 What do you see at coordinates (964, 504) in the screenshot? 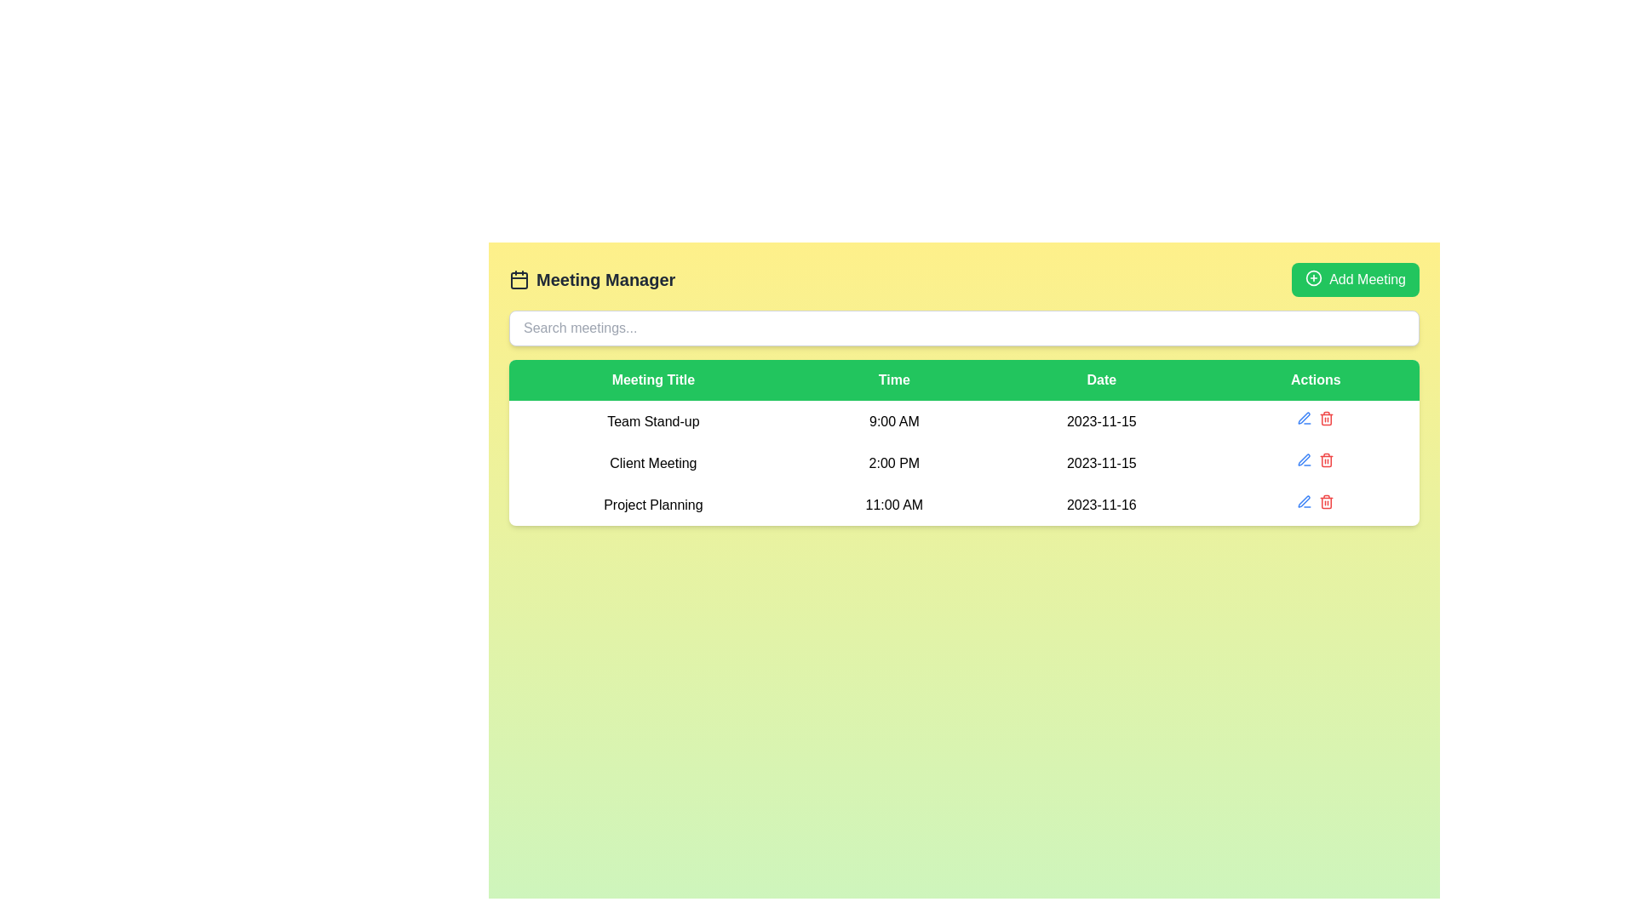
I see `the third row of the meeting schedule table, which displays details including the title, time, date, and has an 'Actions' section for interaction` at bounding box center [964, 504].